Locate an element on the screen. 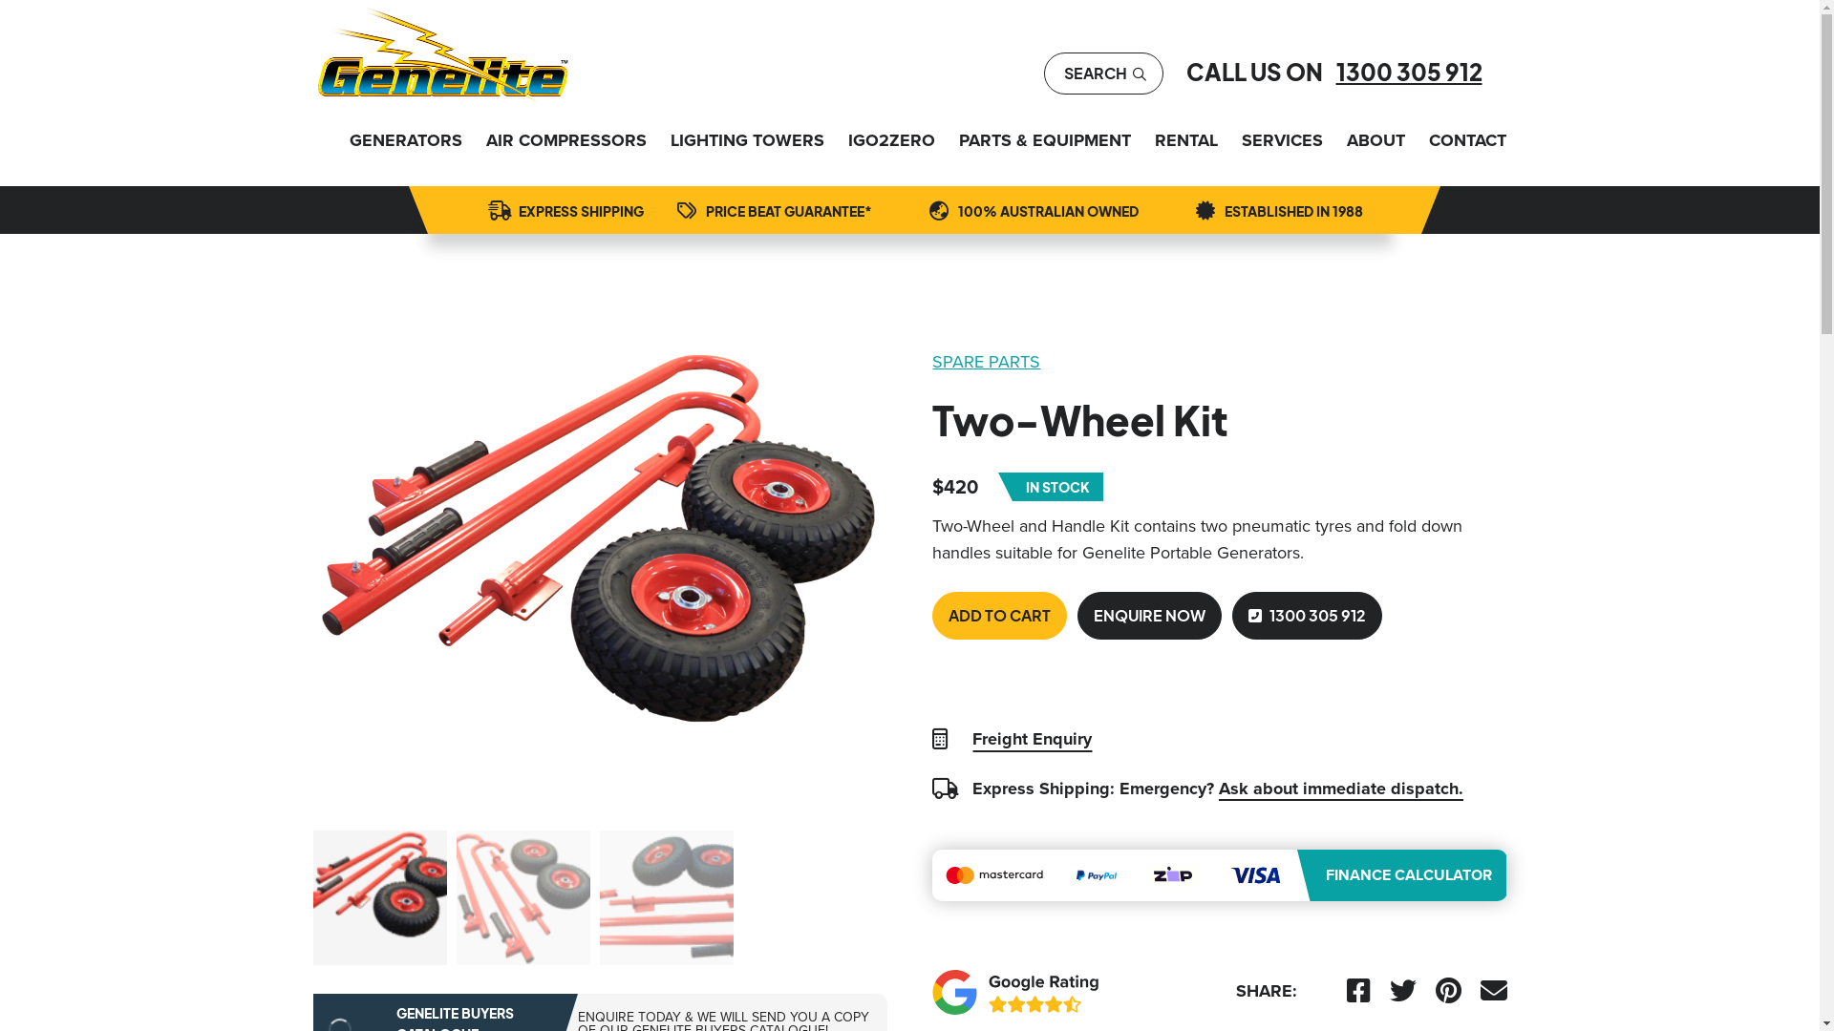 This screenshot has width=1834, height=1031. 'SPARE PARTS' is located at coordinates (931, 361).